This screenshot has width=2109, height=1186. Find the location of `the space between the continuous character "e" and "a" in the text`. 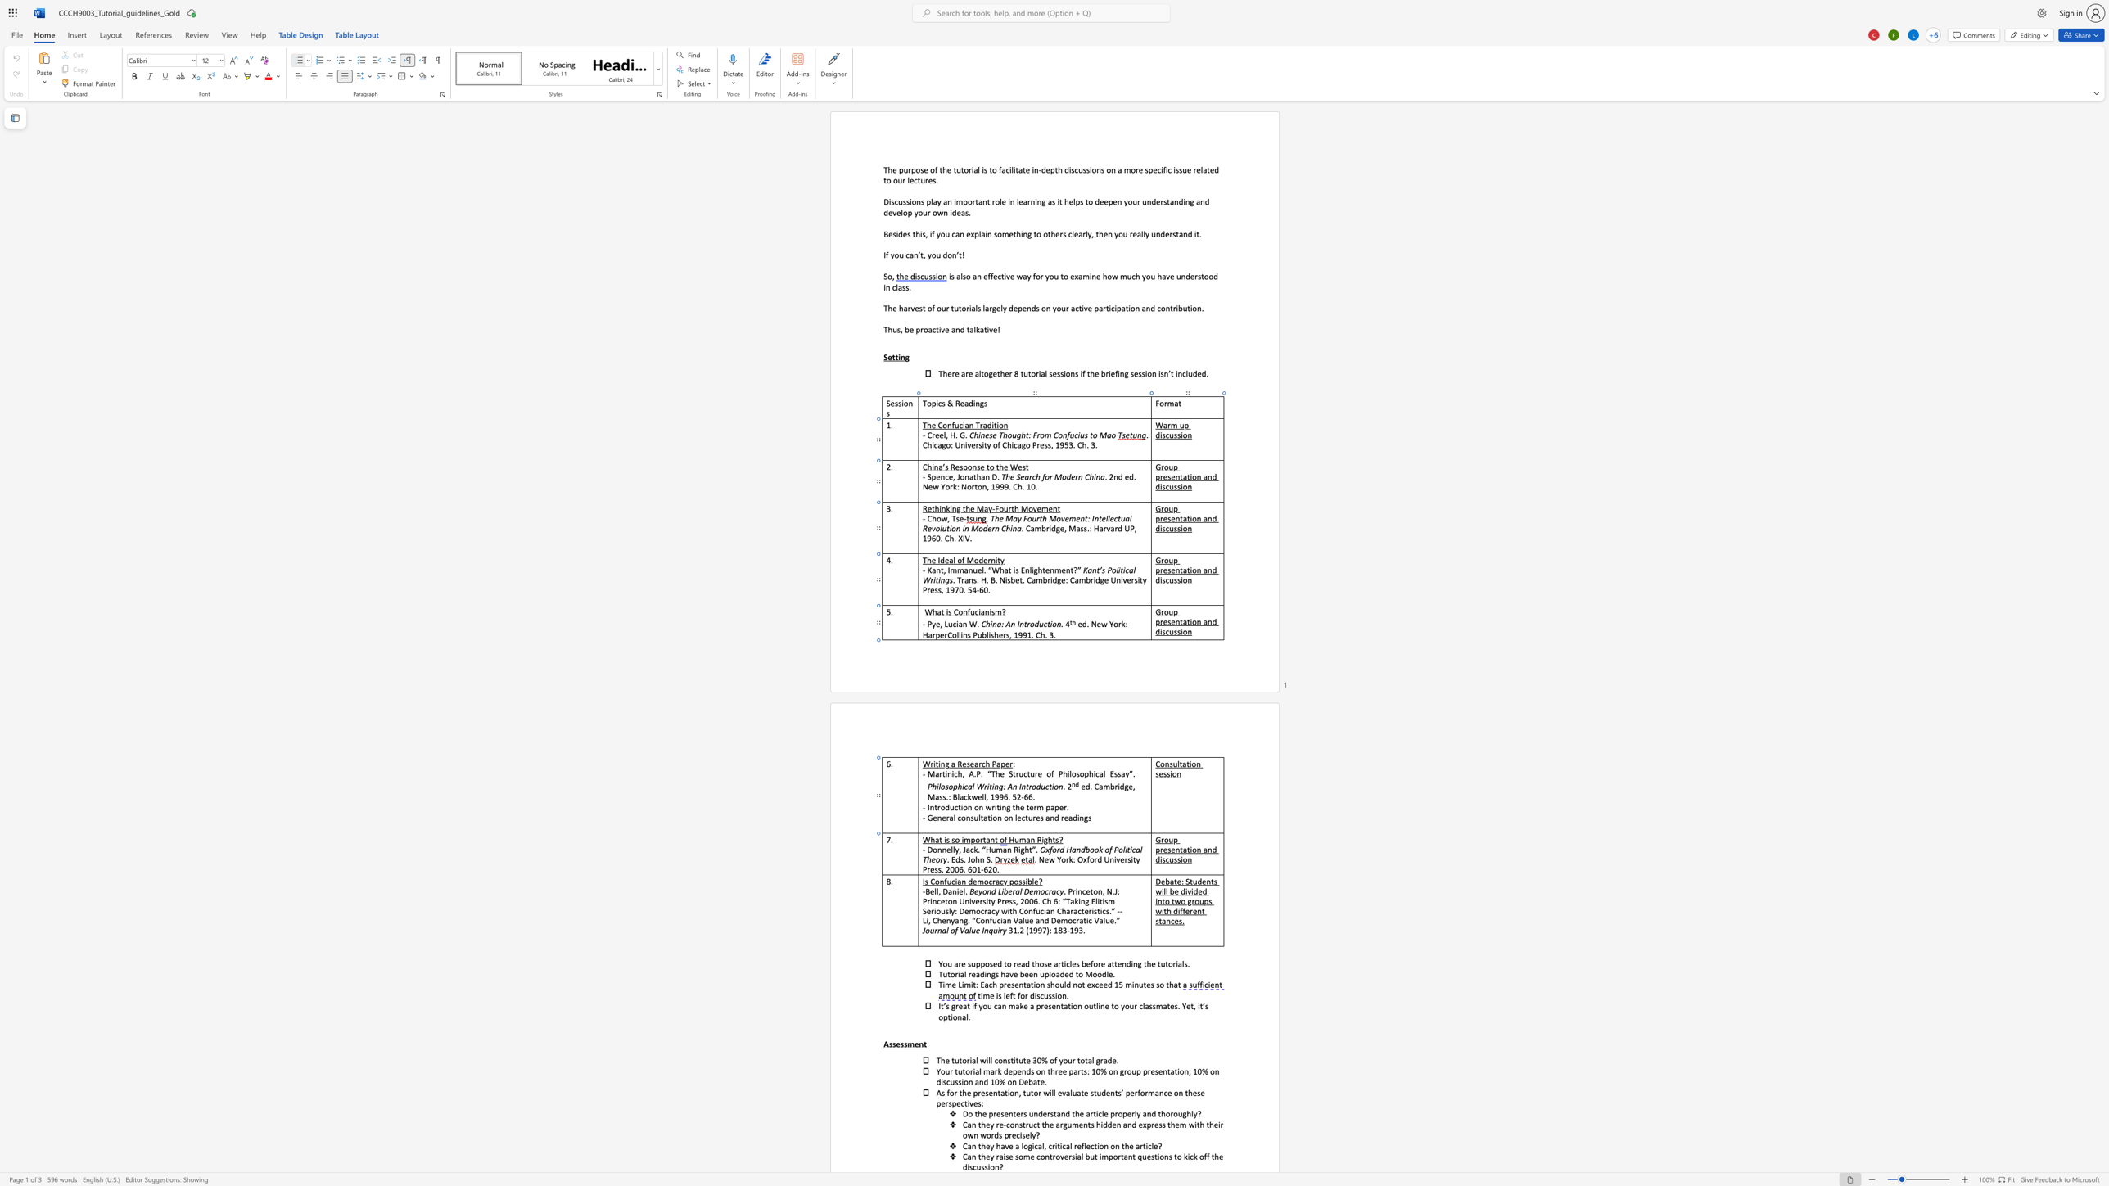

the space between the continuous character "e" and "a" in the text is located at coordinates (973, 764).